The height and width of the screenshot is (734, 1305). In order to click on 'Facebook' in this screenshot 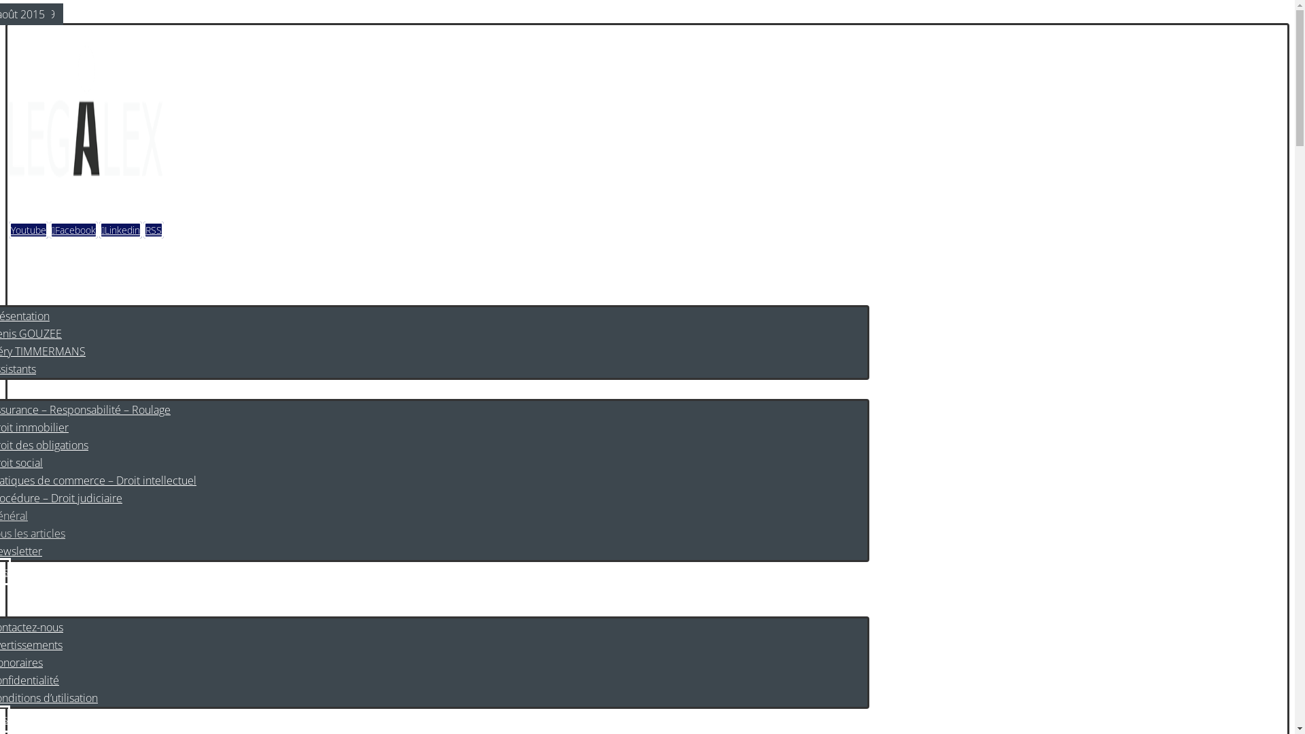, I will do `click(73, 229)`.